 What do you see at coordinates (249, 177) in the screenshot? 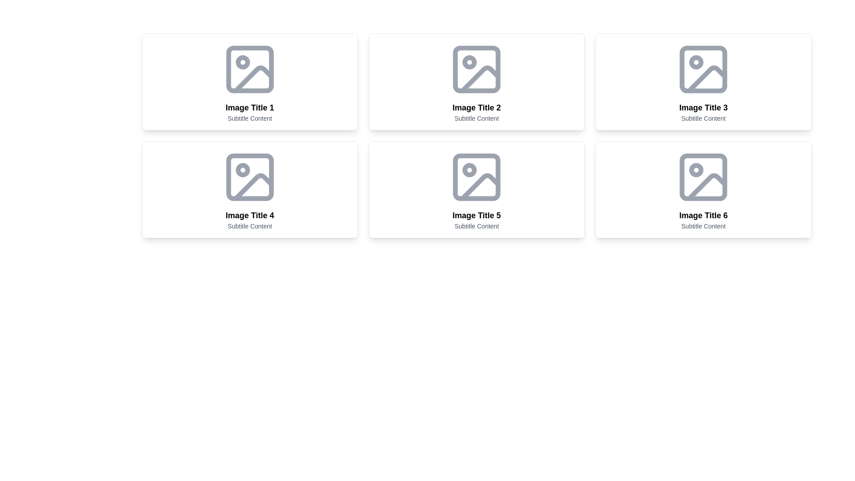
I see `the SVG graphic icon representing an image placeholder, which is located inside the second card titled 'Image Title 4' in the second row of the grid layout` at bounding box center [249, 177].